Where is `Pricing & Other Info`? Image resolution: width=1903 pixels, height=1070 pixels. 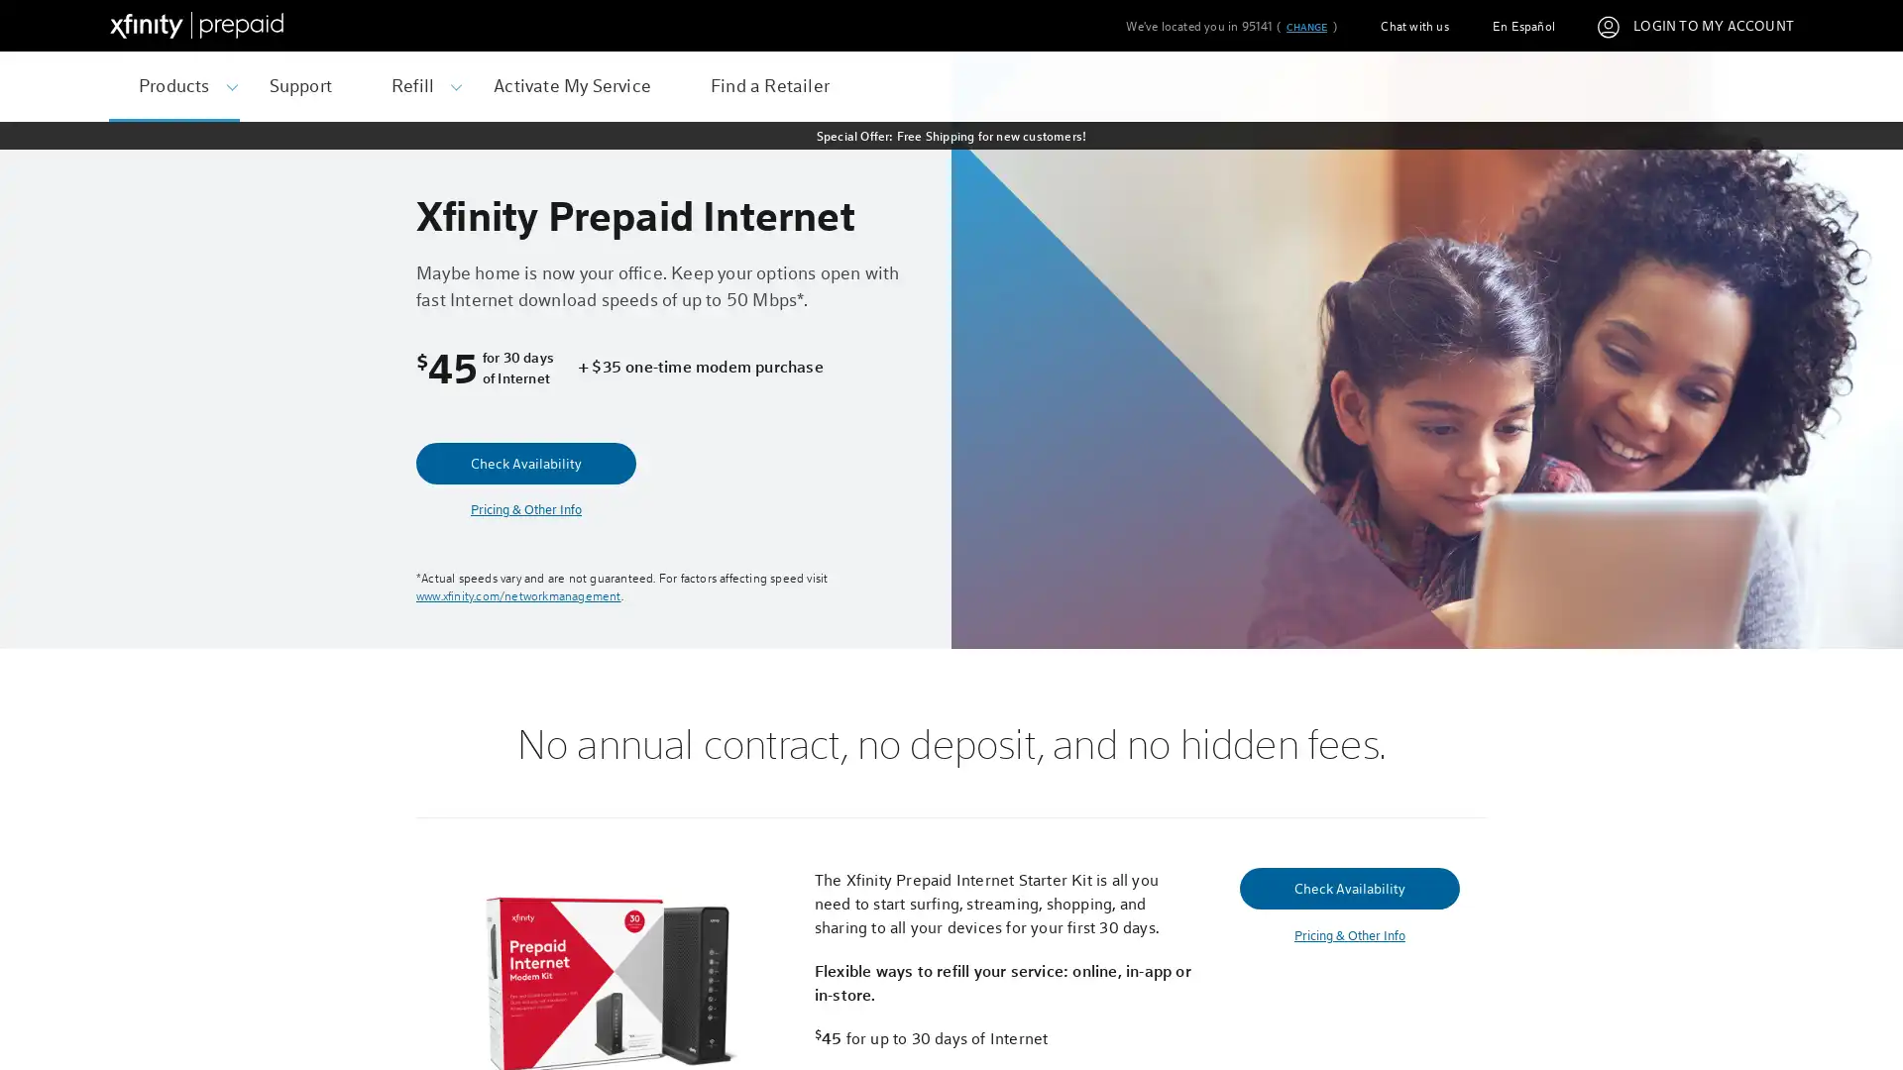
Pricing & Other Info is located at coordinates (526, 508).